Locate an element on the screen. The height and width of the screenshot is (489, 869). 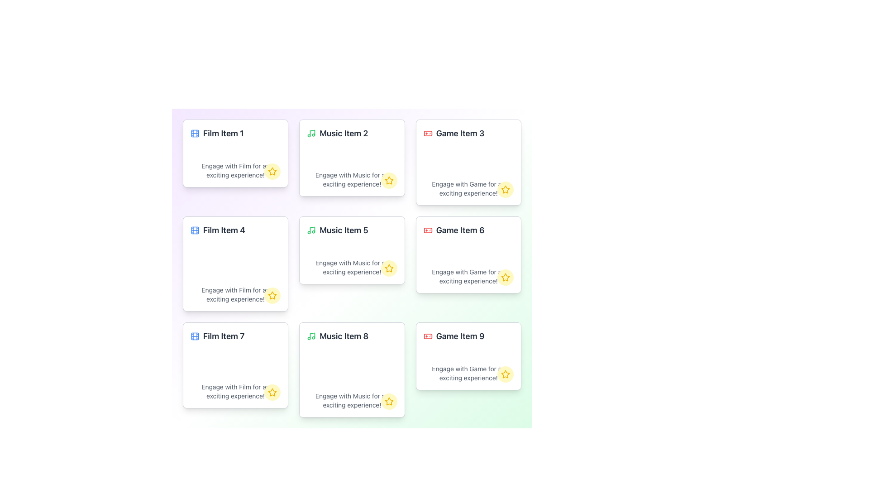
the yellow star icon with a hollow center and thick outline located in the lower-right corner of the card labeled 'Film Item 1' for additional information is located at coordinates (272, 171).